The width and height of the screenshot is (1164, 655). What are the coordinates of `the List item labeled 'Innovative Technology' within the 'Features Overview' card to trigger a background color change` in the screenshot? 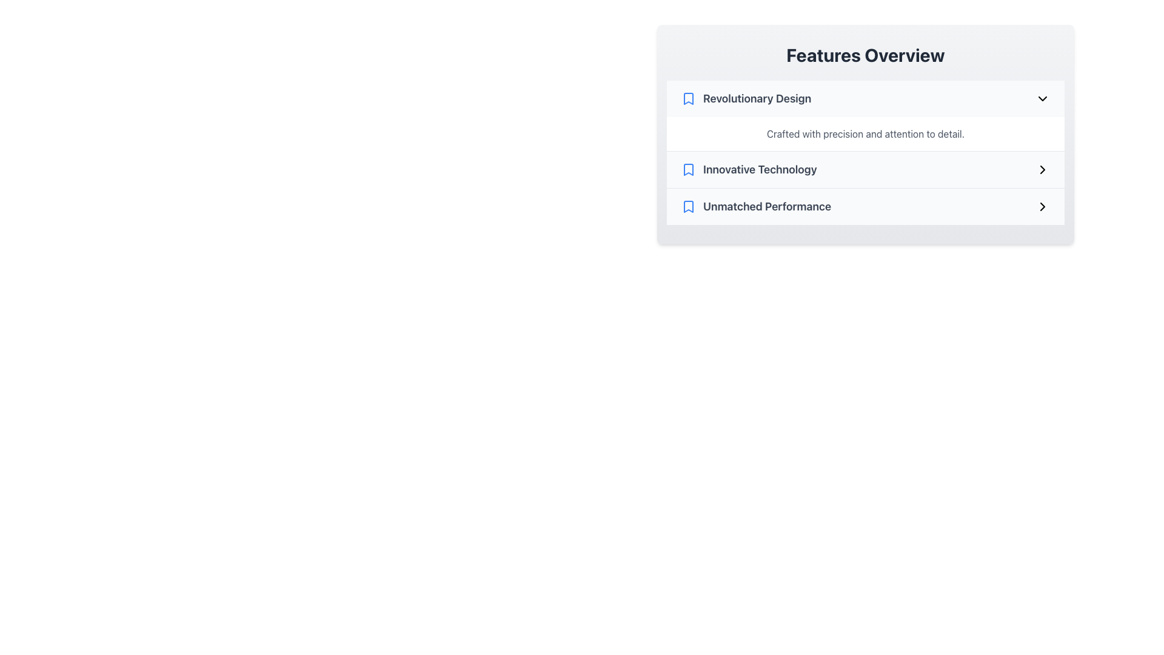 It's located at (865, 170).